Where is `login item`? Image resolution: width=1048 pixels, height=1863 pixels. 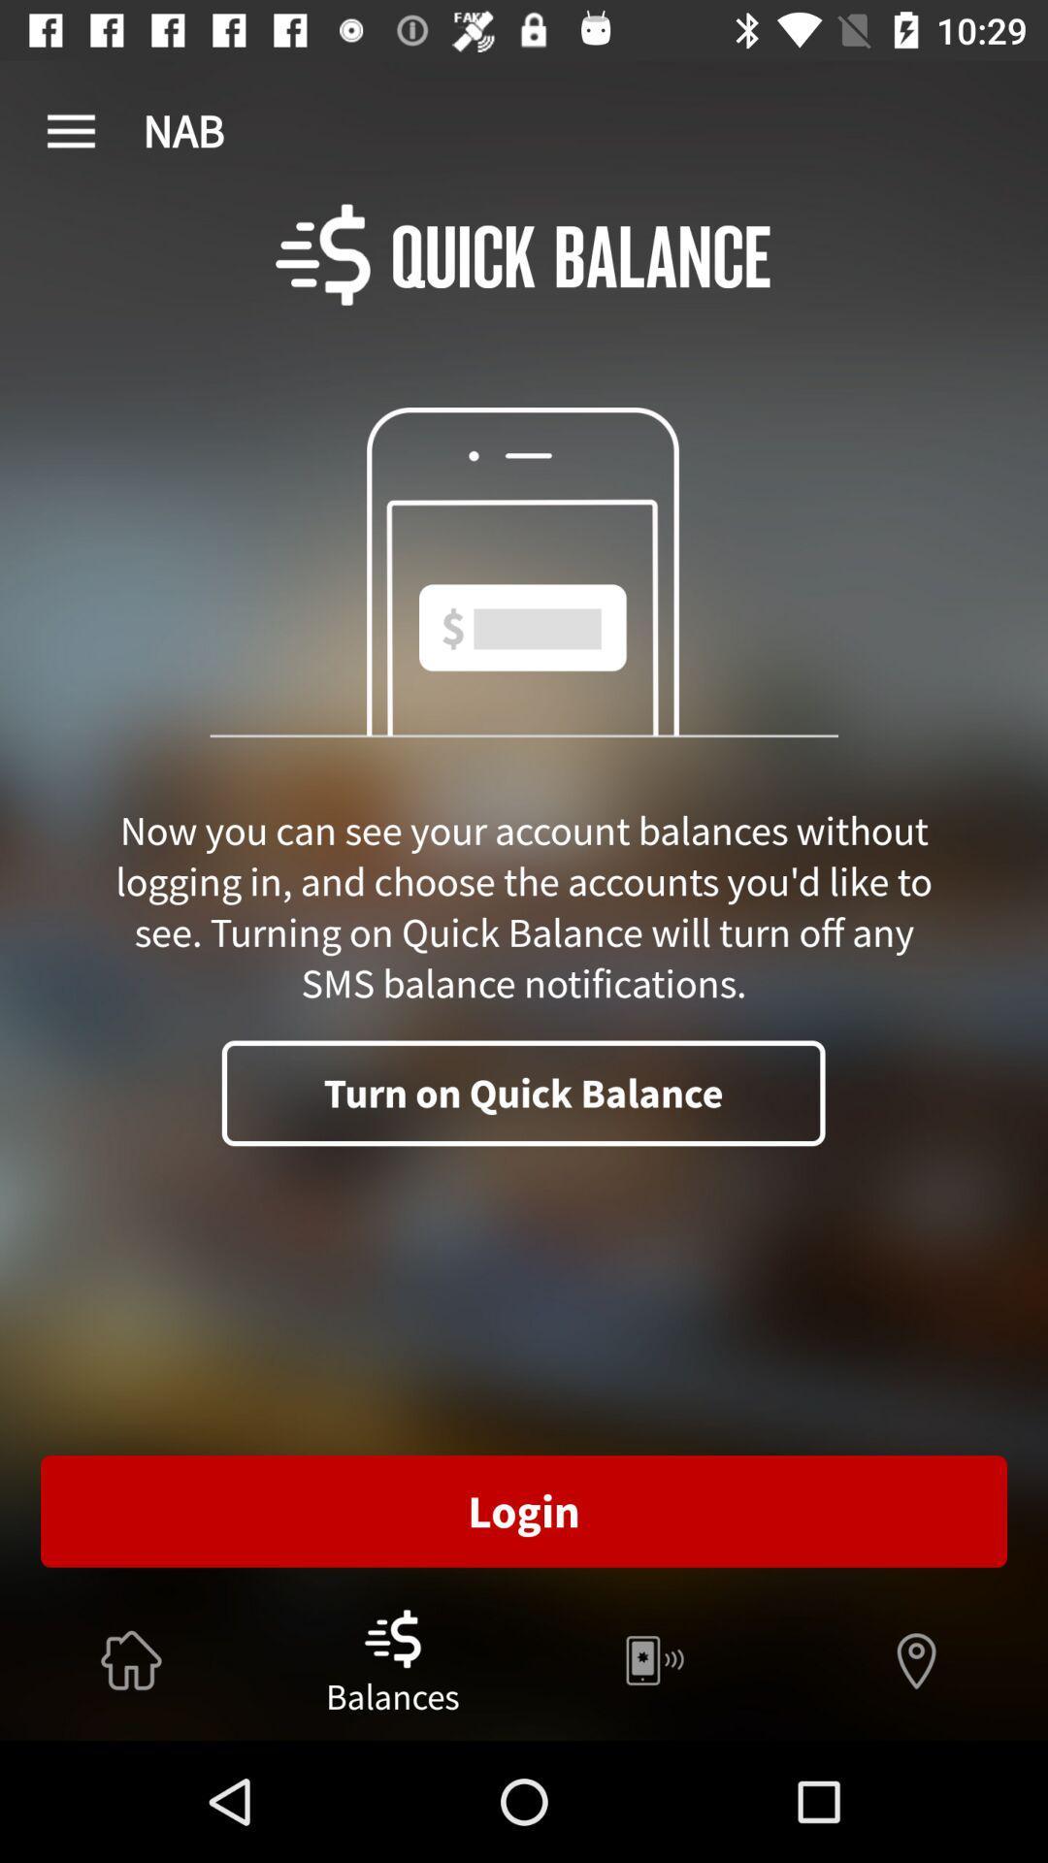 login item is located at coordinates (524, 1510).